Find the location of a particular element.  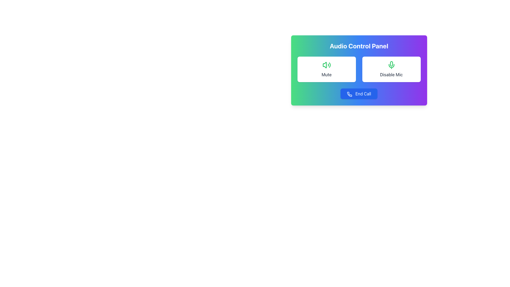

the audio visual indicator SVG icon located in the upper left corner of the 'Mute' button in the 'Audio Control Panel' is located at coordinates (324, 65).